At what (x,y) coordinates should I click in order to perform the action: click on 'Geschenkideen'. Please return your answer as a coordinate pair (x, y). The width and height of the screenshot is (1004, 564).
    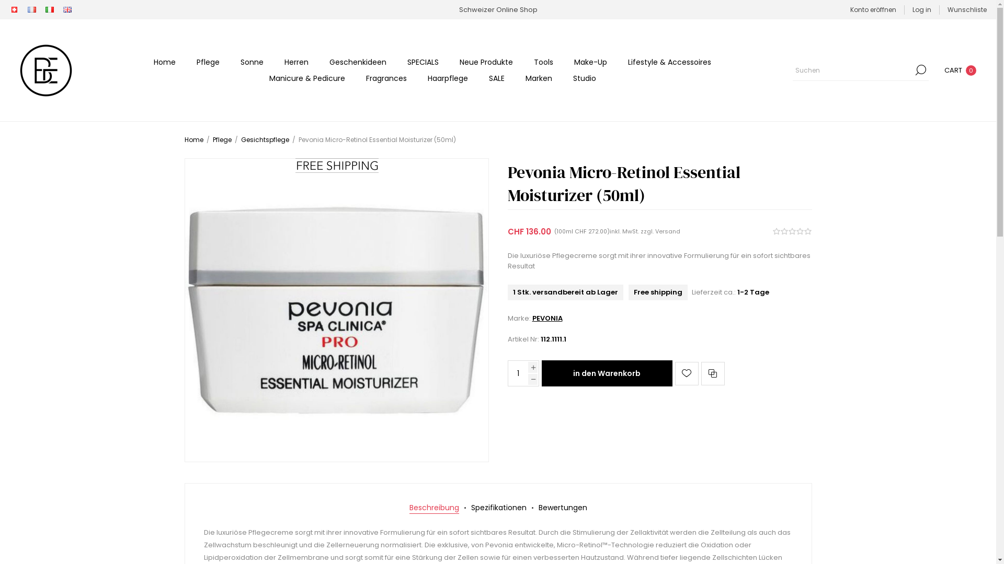
    Looking at the image, I should click on (358, 62).